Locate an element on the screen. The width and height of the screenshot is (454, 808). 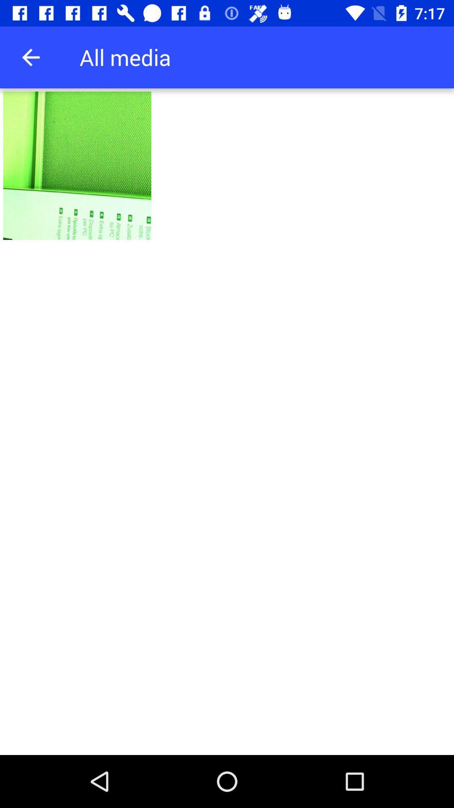
the item to the left of all media is located at coordinates (30, 57).